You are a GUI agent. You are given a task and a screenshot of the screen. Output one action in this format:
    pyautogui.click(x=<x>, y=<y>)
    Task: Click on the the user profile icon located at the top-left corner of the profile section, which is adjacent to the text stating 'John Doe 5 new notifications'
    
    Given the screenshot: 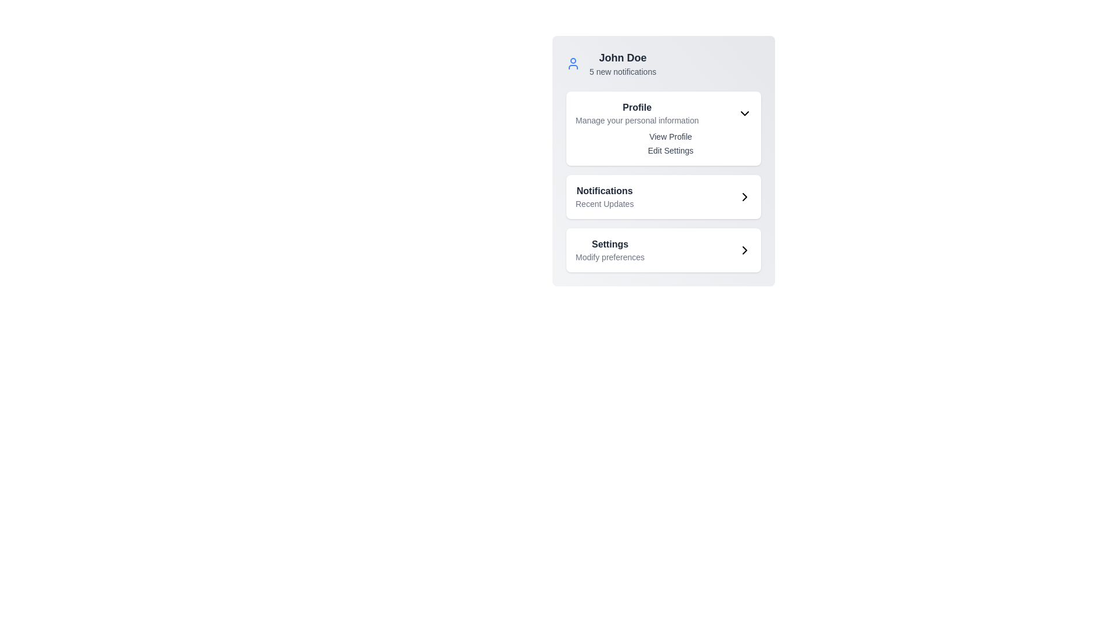 What is the action you would take?
    pyautogui.click(x=573, y=64)
    